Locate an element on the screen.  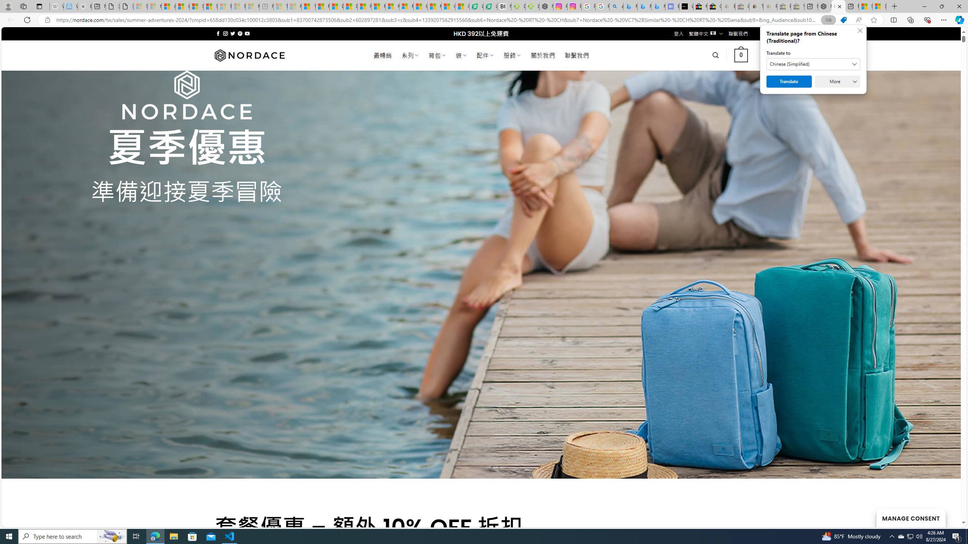
'  0  ' is located at coordinates (741, 55).